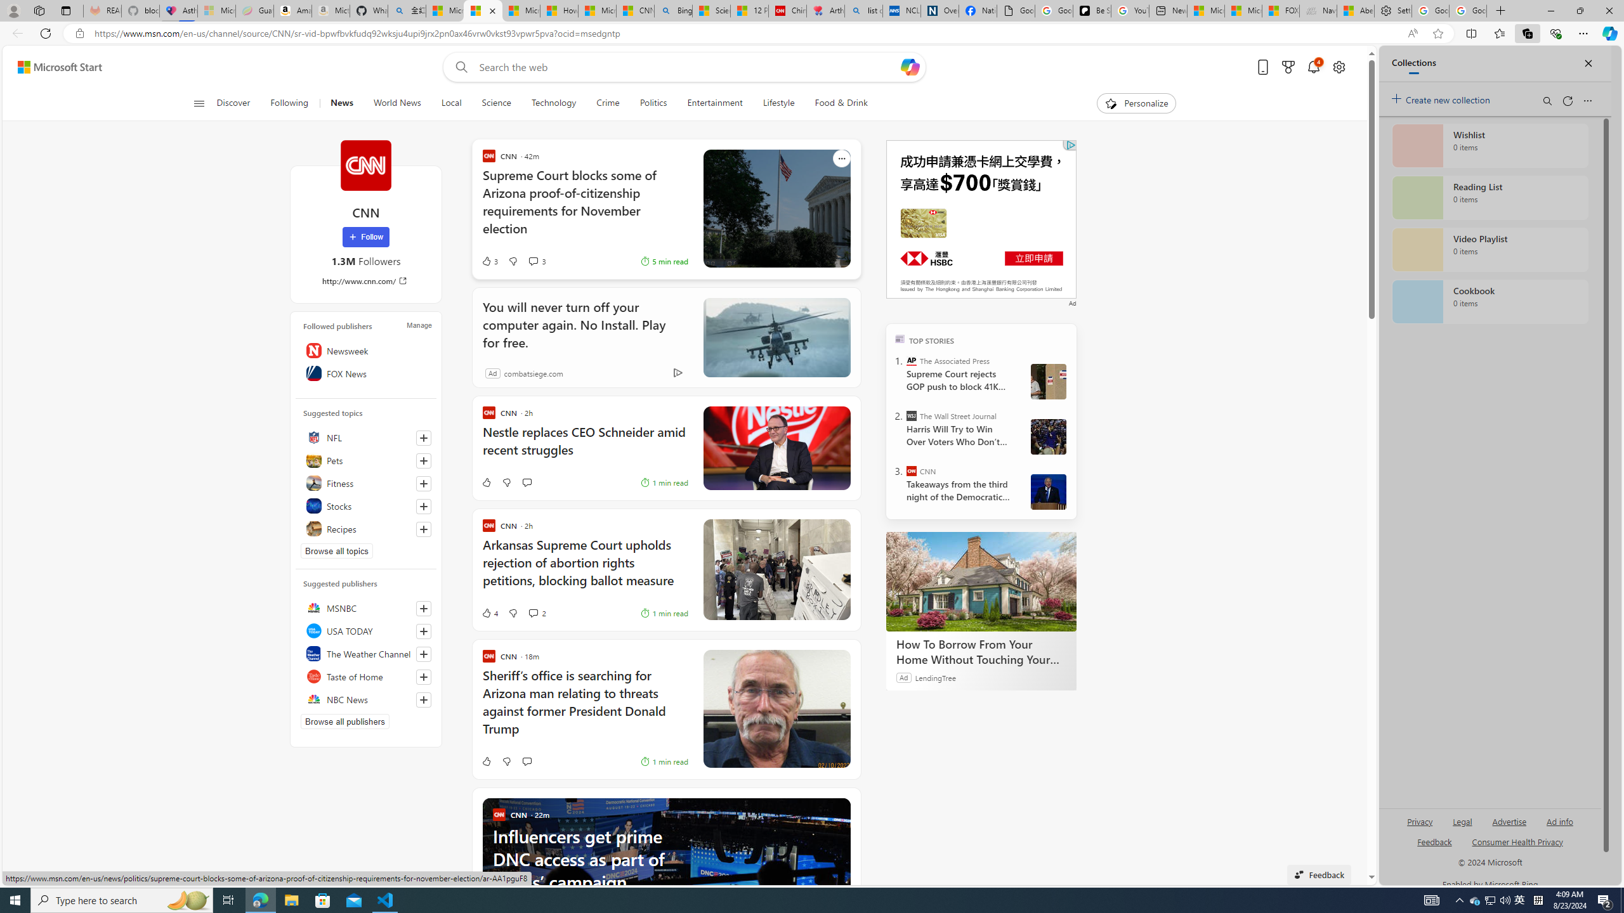  What do you see at coordinates (365, 631) in the screenshot?
I see `'USA TODAY'` at bounding box center [365, 631].